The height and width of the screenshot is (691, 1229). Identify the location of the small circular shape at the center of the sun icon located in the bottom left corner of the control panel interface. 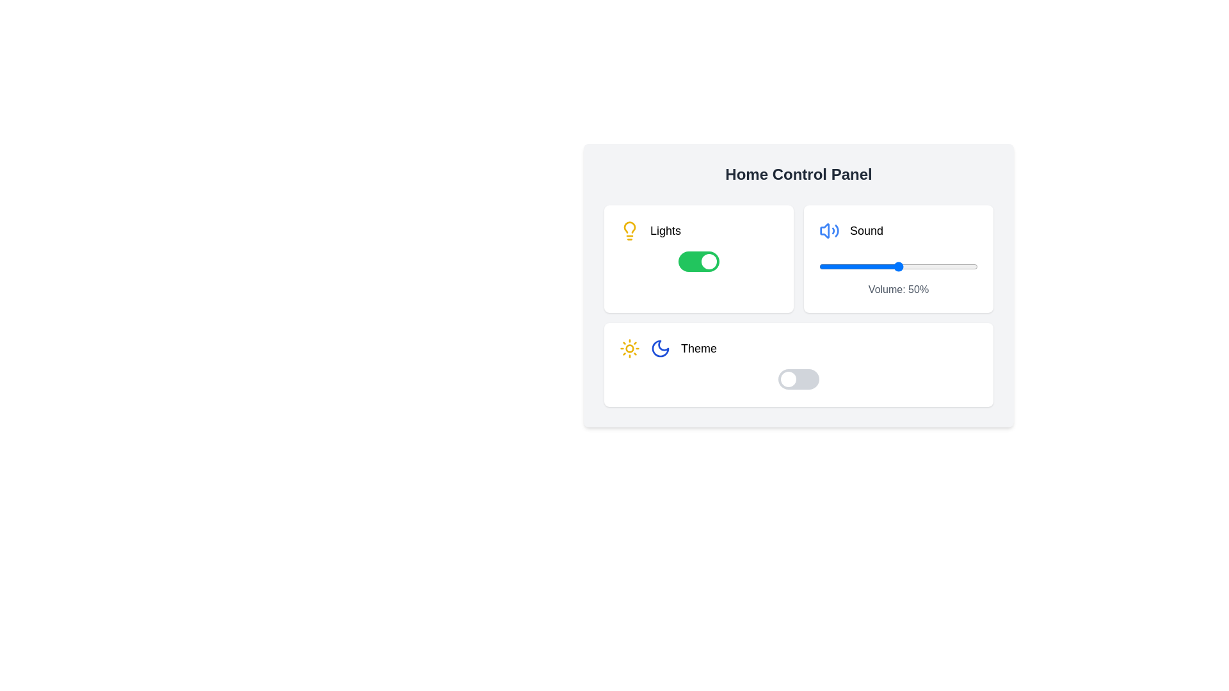
(629, 348).